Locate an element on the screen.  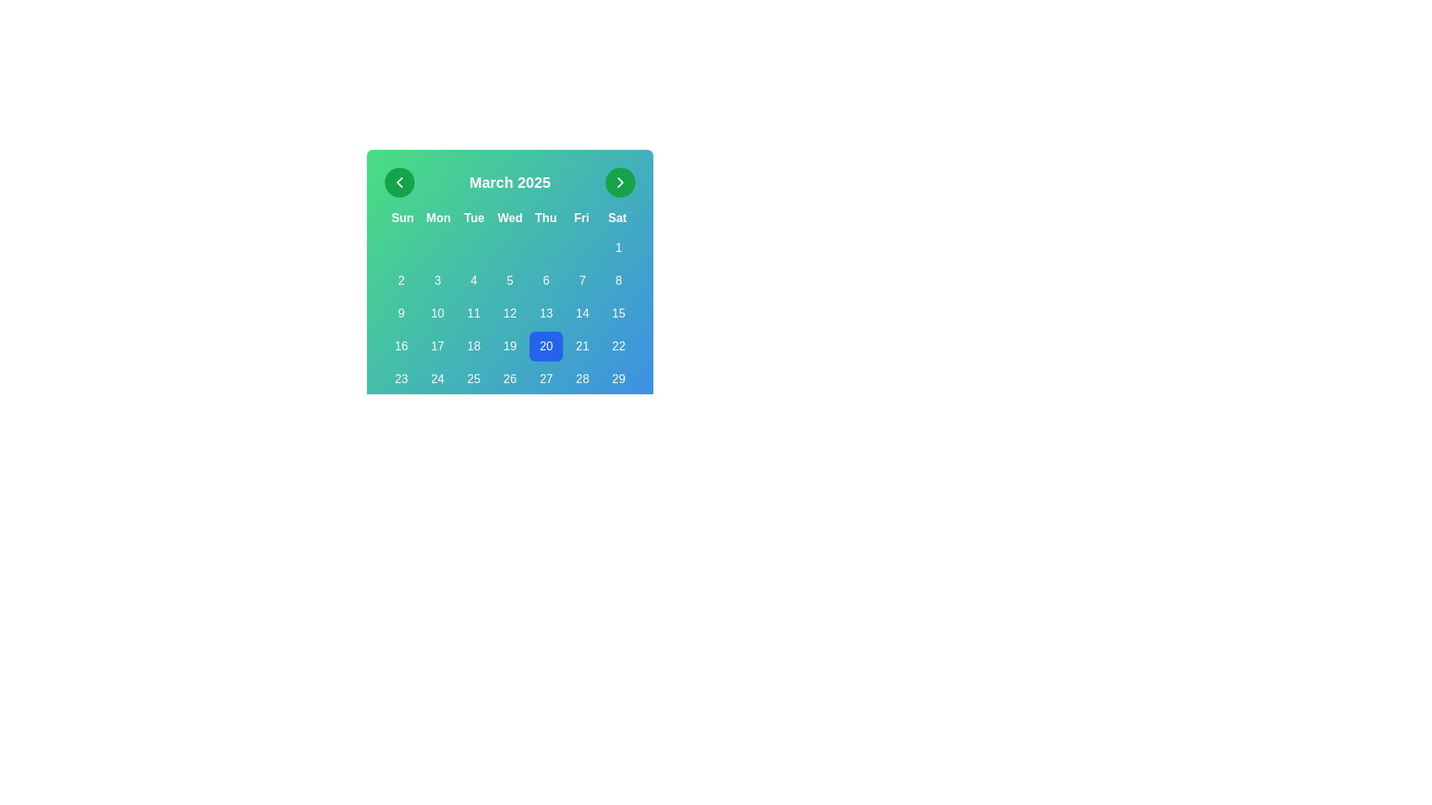
the rounded square button with a light green background containing the number '9' is located at coordinates (401, 312).